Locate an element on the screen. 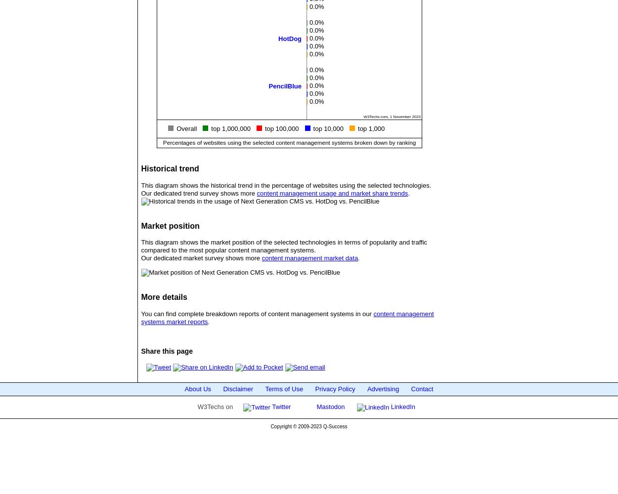  'Advertising' is located at coordinates (383, 389).